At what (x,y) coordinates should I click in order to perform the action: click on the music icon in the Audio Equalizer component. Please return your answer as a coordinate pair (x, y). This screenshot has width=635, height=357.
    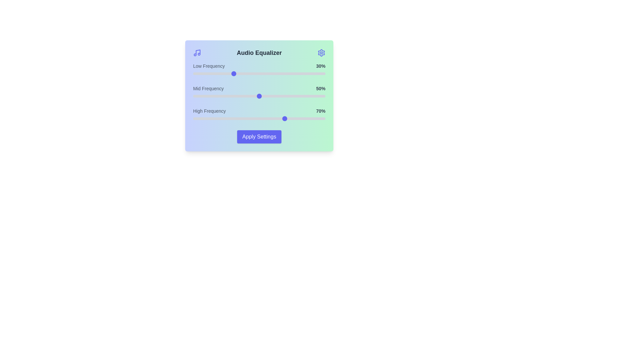
    Looking at the image, I should click on (196, 52).